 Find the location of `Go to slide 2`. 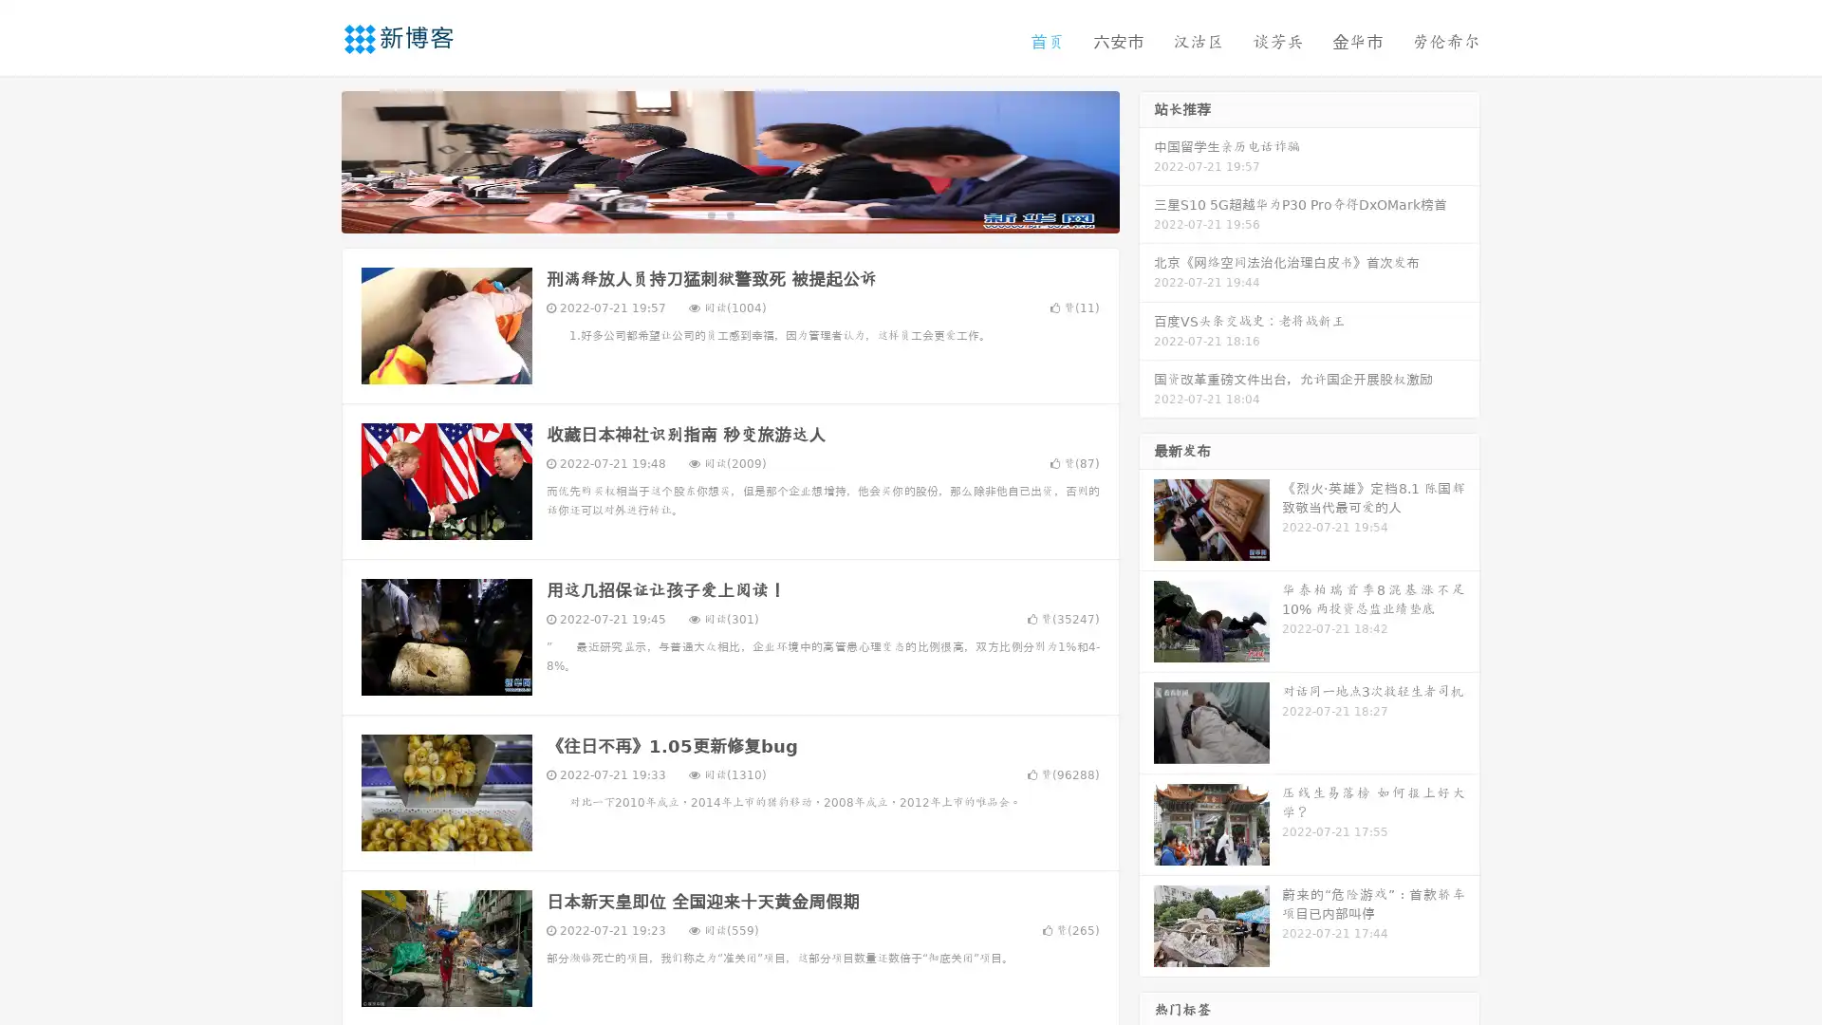

Go to slide 2 is located at coordinates (729, 214).